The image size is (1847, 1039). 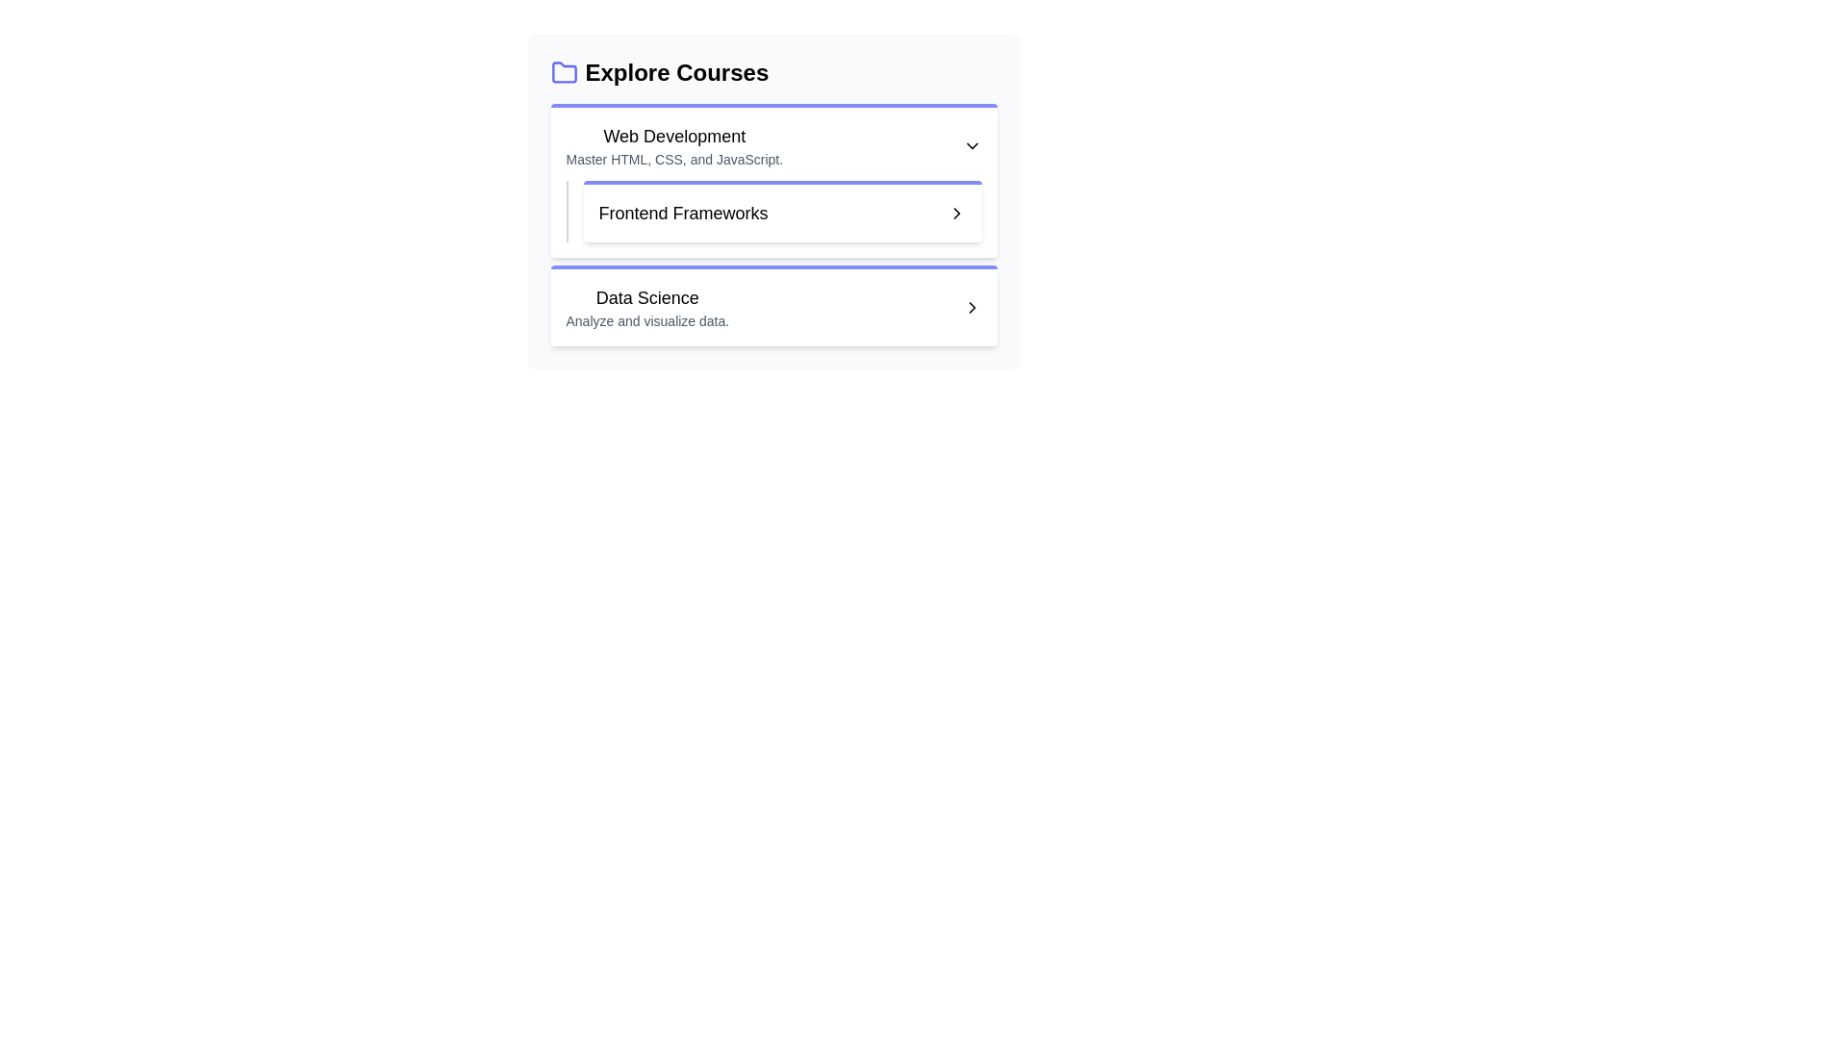 What do you see at coordinates (773, 304) in the screenshot?
I see `the third button or card in the navigation stack` at bounding box center [773, 304].